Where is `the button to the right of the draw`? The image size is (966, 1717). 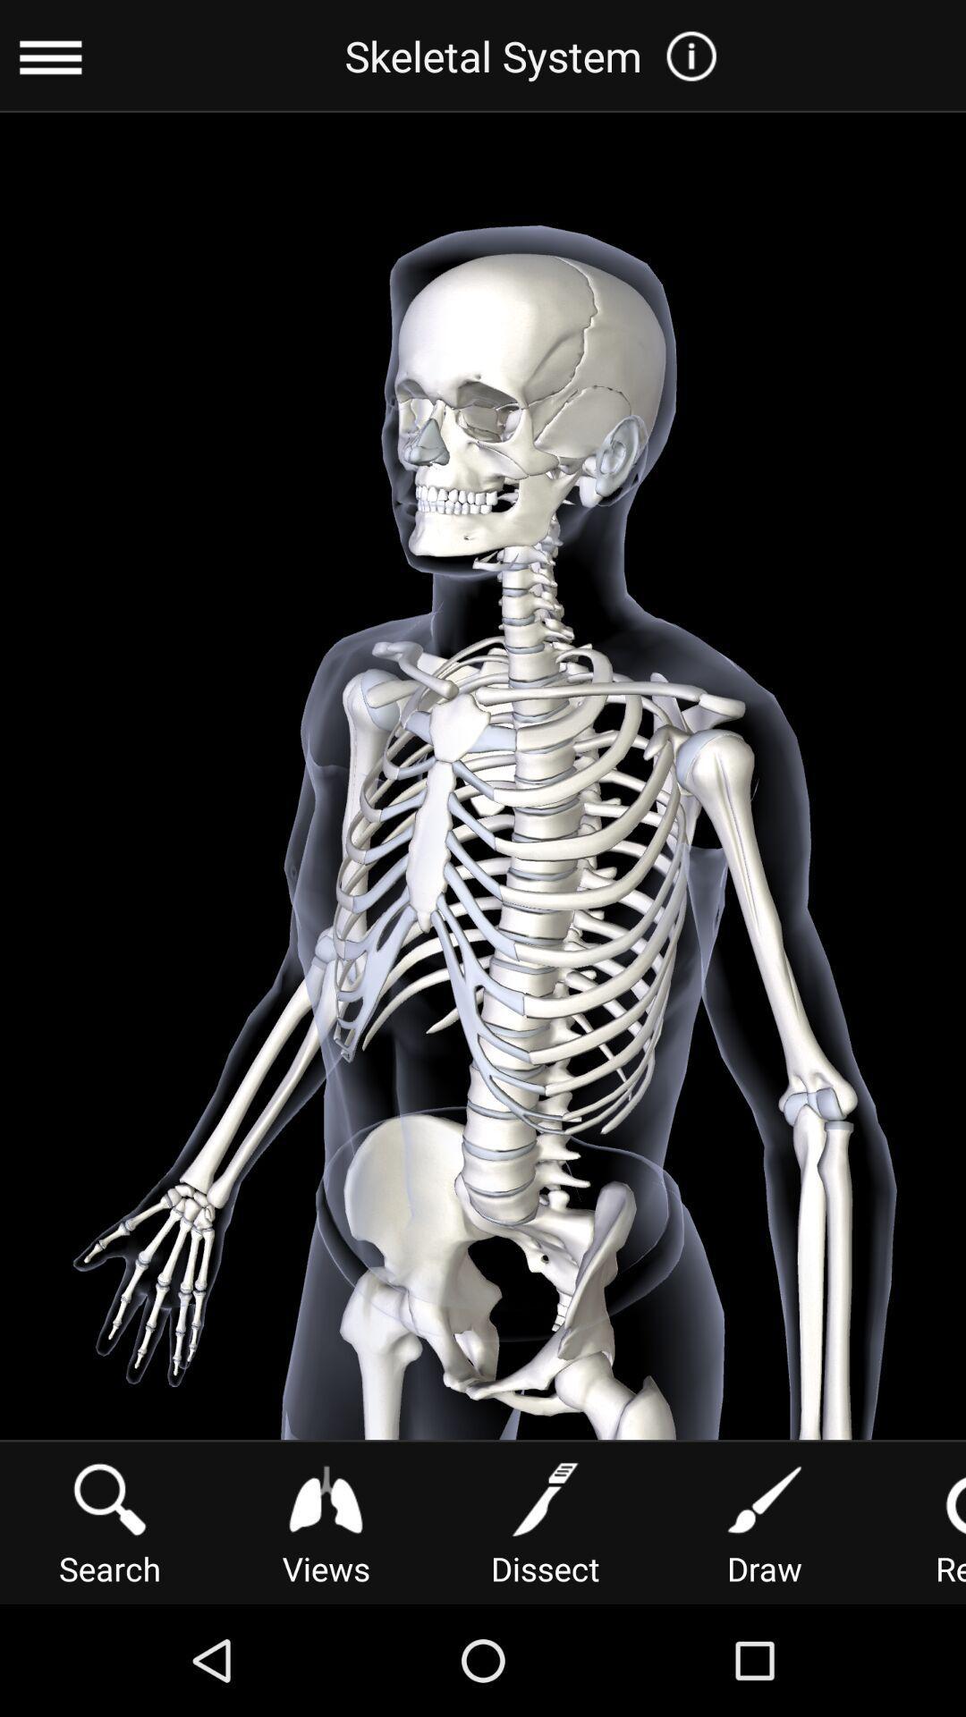 the button to the right of the draw is located at coordinates (924, 1520).